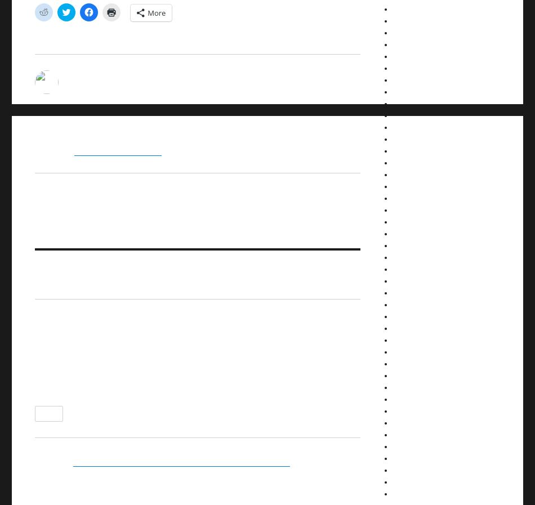 This screenshot has width=535, height=505. I want to click on 'February 2012', so click(413, 434).